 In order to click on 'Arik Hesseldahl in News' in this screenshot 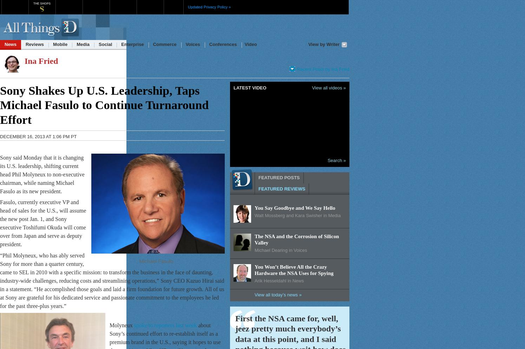, I will do `click(279, 280)`.